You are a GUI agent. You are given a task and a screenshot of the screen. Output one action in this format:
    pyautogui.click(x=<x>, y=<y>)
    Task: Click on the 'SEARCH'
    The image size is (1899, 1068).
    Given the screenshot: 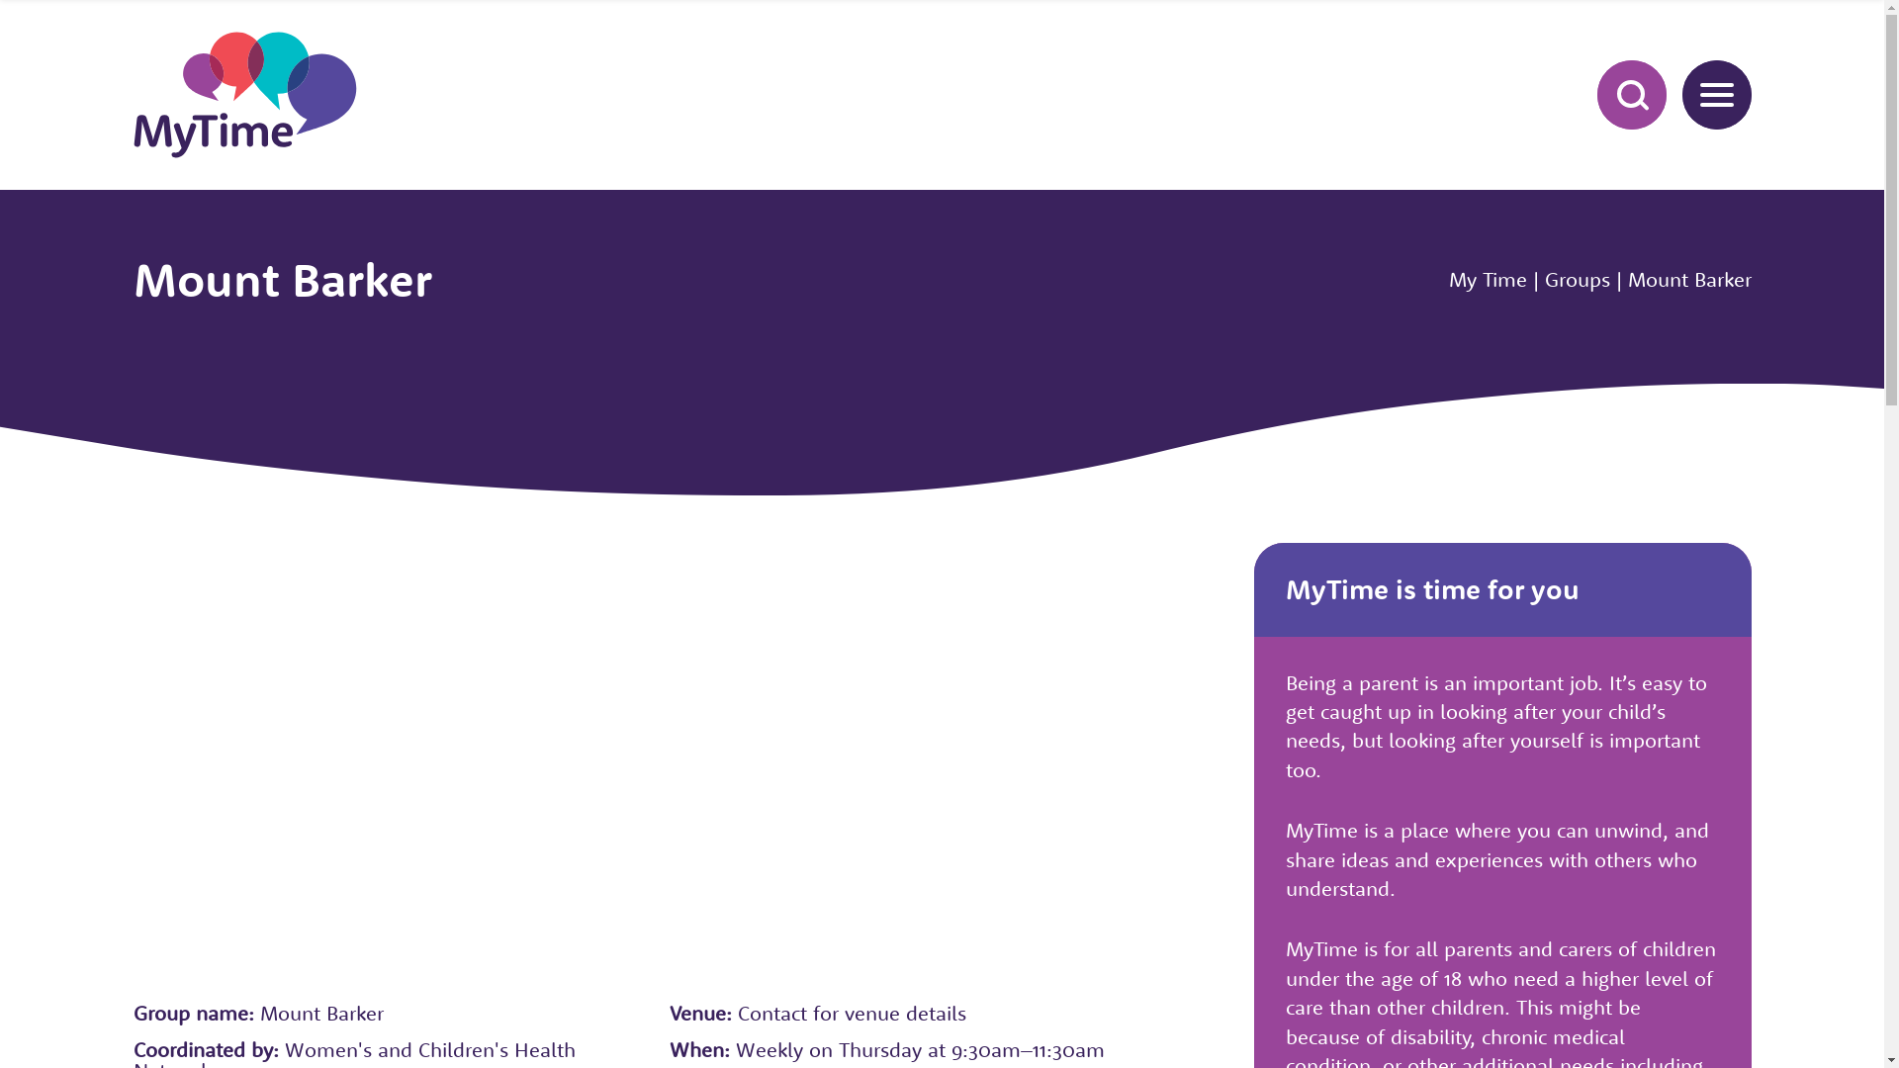 What is the action you would take?
    pyautogui.click(x=1631, y=95)
    